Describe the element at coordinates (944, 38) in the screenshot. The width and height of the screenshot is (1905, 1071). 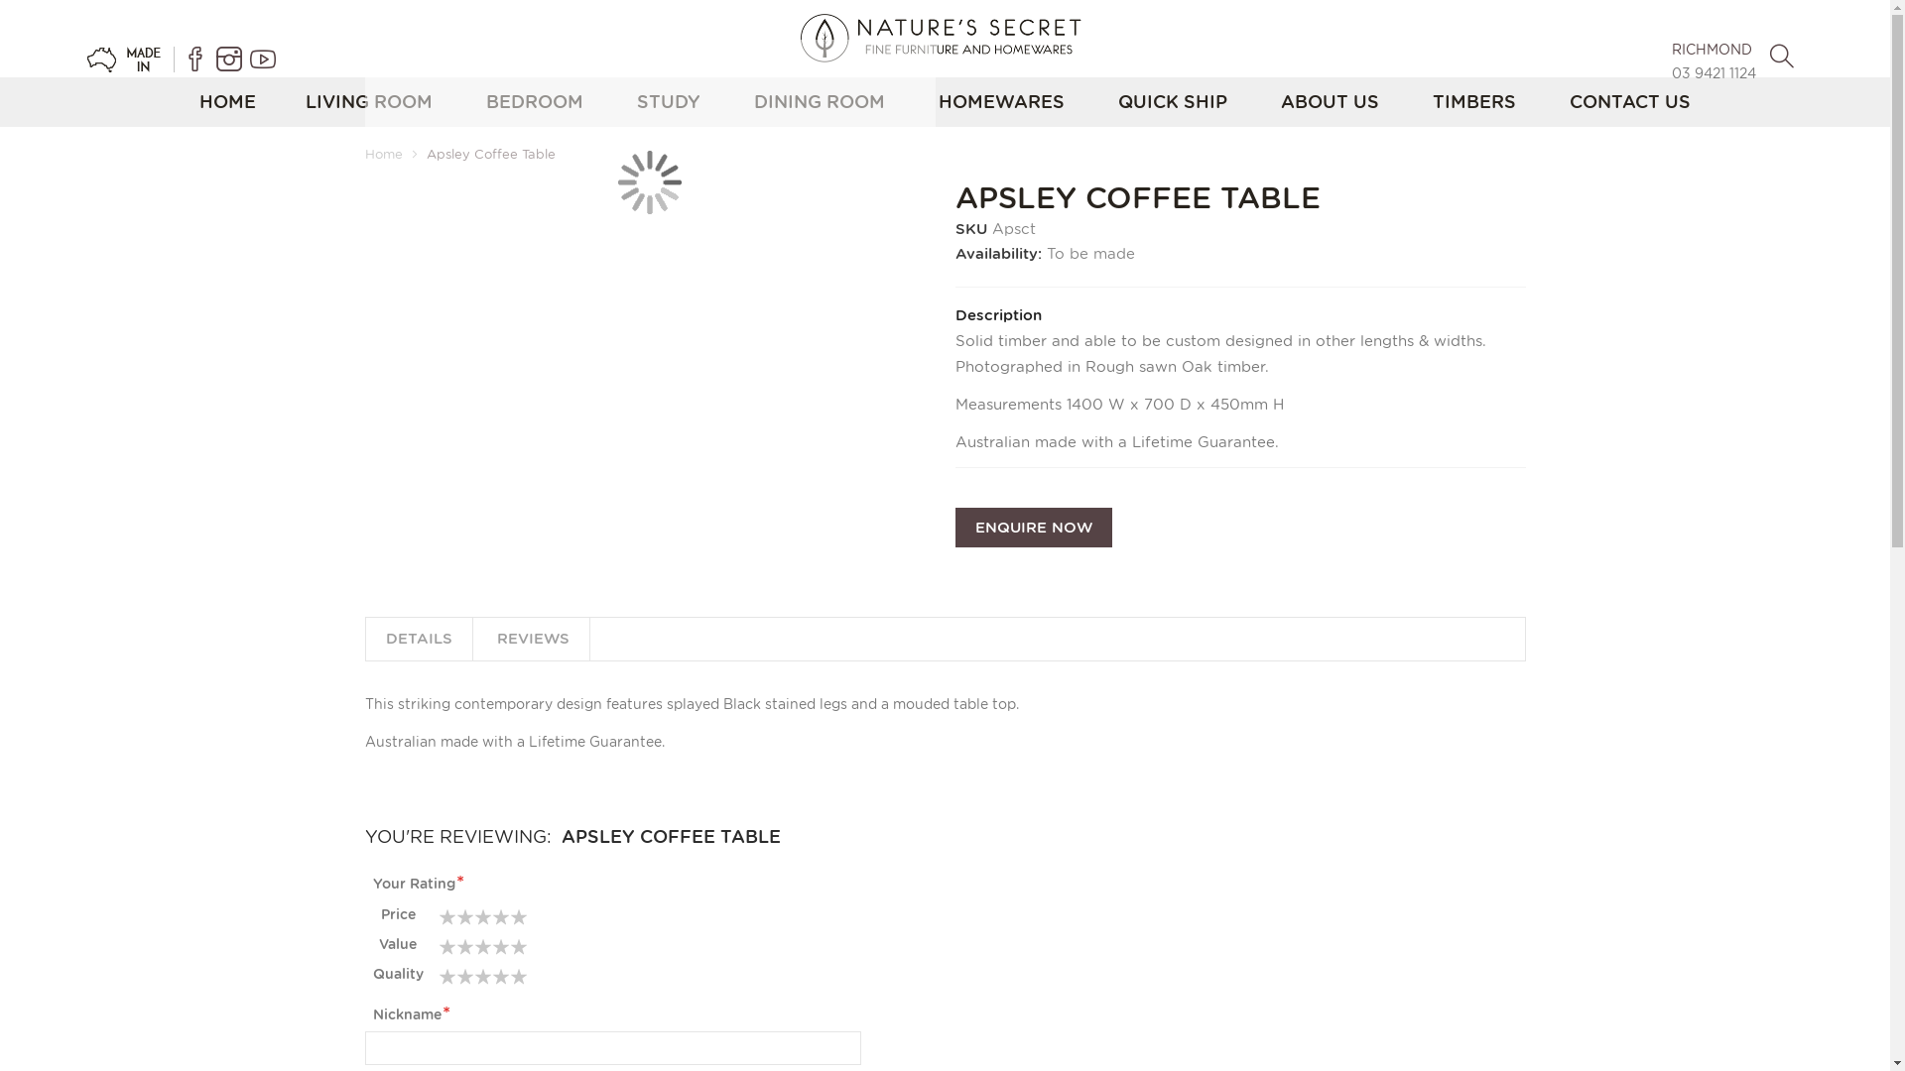
I see `'Nature's Secret'` at that location.